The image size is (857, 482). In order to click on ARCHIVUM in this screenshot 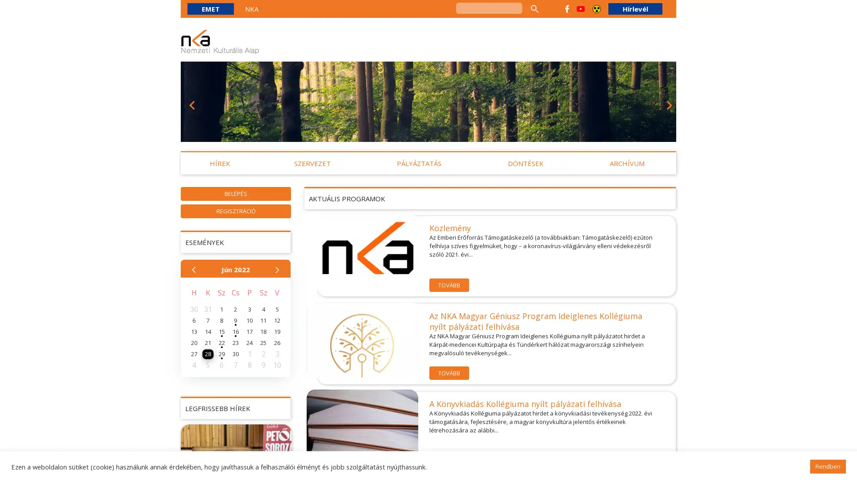, I will do `click(627, 163)`.